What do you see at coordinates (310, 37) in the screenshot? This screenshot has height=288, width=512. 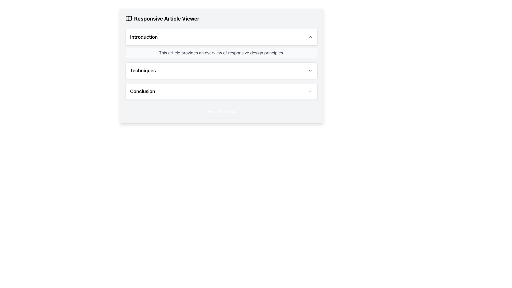 I see `the chevron icon located at the top-right of the 'Introduction' section` at bounding box center [310, 37].